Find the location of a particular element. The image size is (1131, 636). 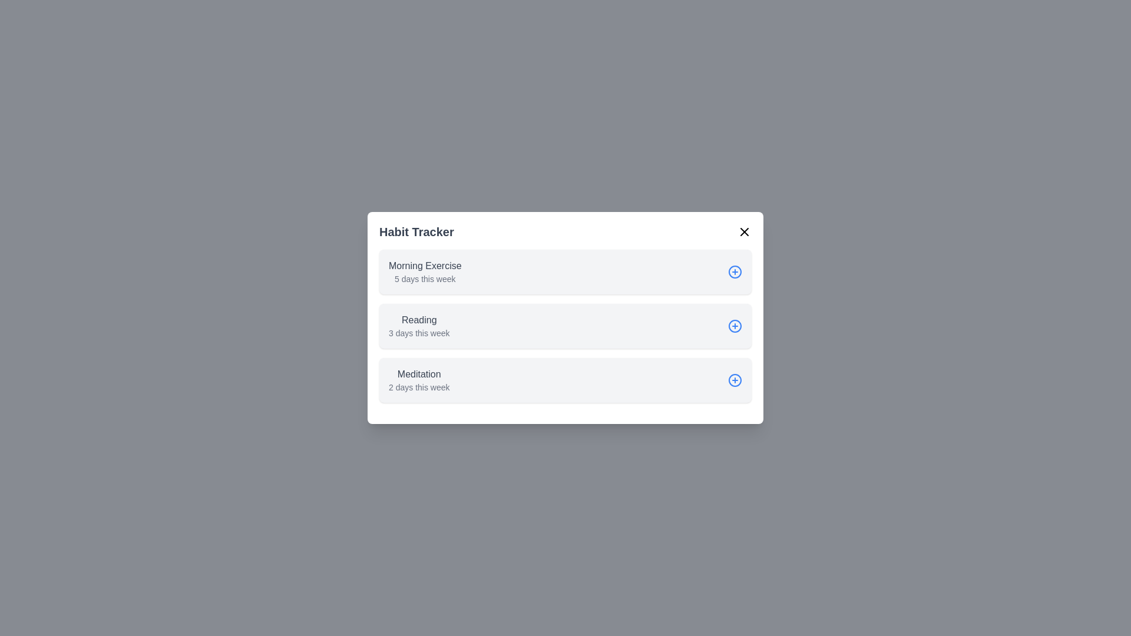

the title text of the Habit Tracker component is located at coordinates (416, 231).